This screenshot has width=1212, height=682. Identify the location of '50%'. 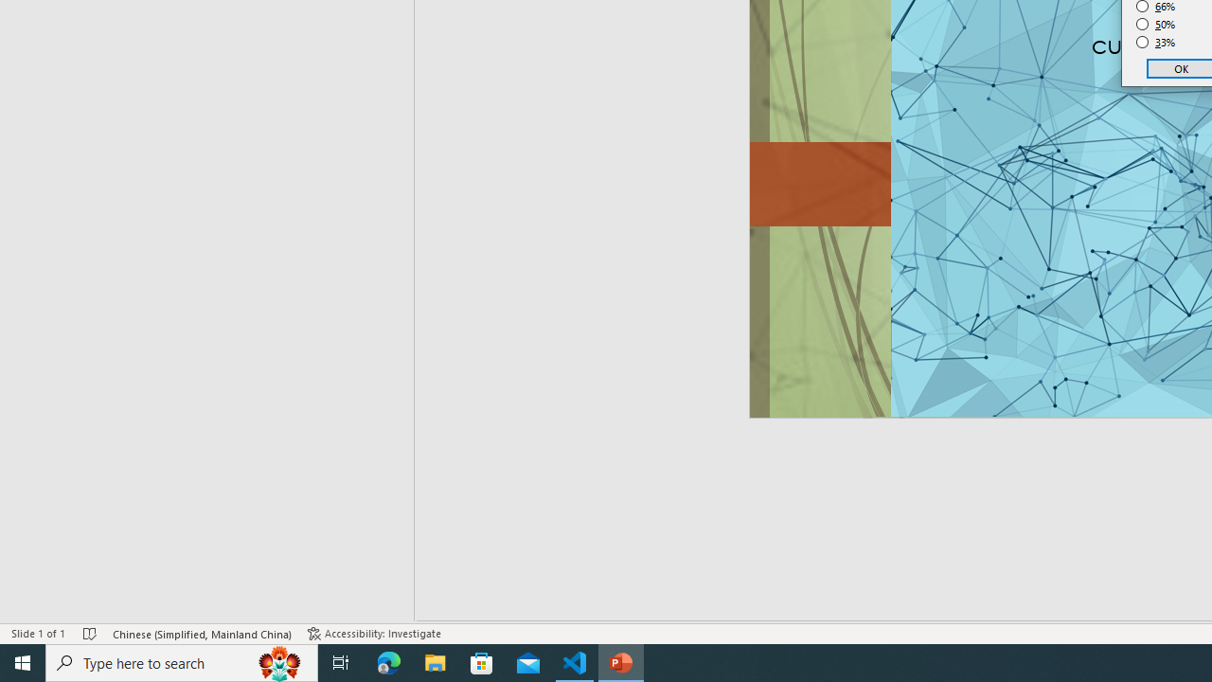
(1155, 24).